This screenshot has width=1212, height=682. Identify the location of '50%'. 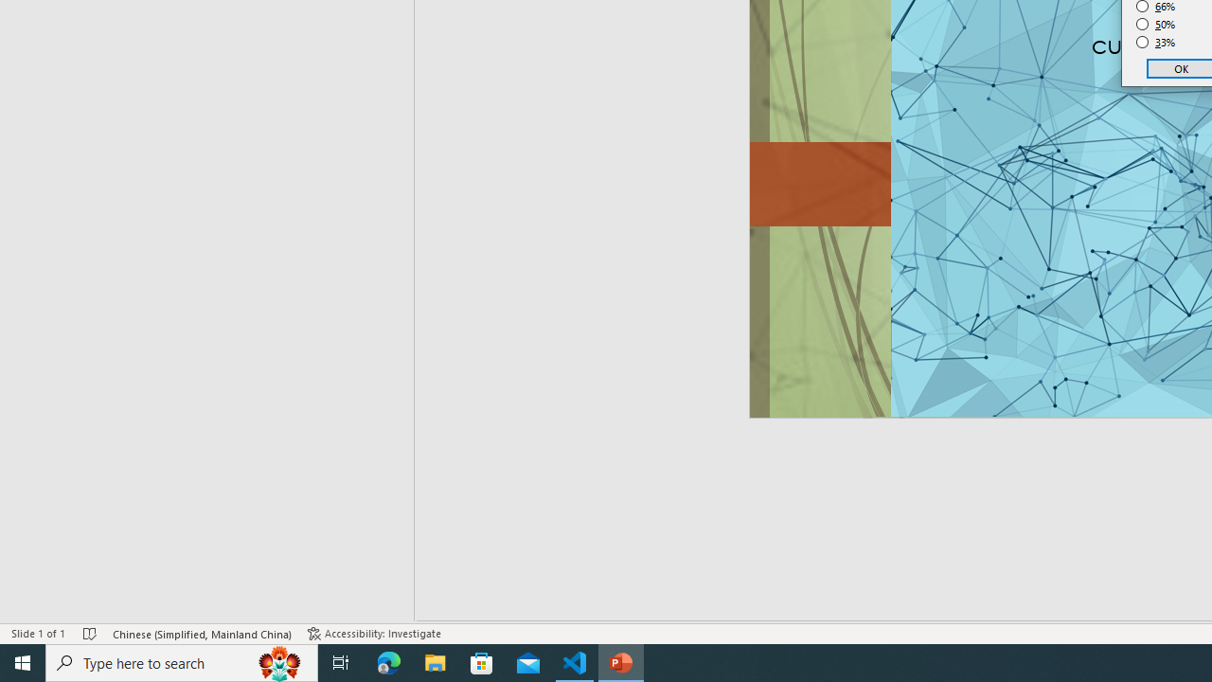
(1155, 24).